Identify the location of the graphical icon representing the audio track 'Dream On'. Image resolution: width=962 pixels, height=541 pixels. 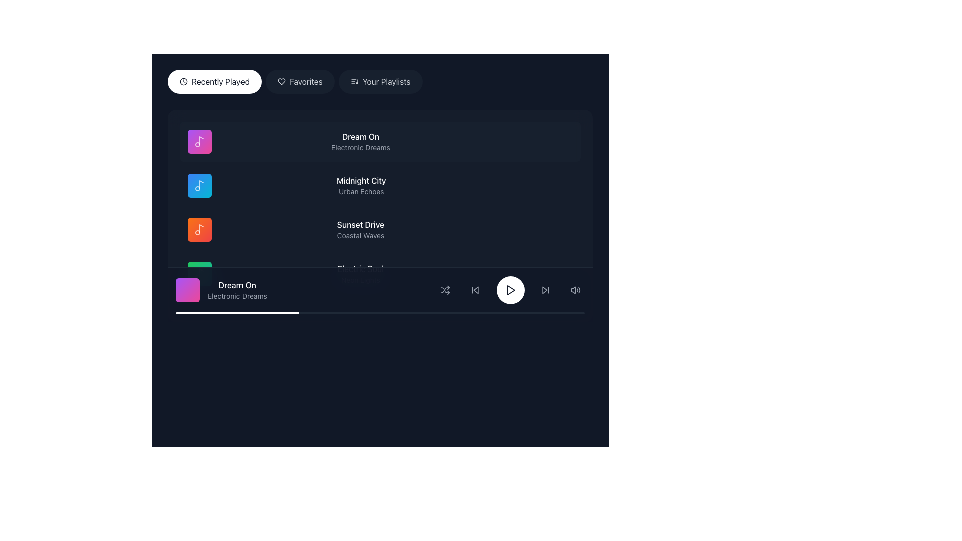
(199, 141).